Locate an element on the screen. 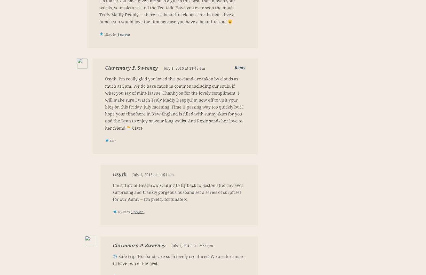 This screenshot has width=426, height=275. 'July 1, 2016 at 11:43 am' is located at coordinates (184, 68).